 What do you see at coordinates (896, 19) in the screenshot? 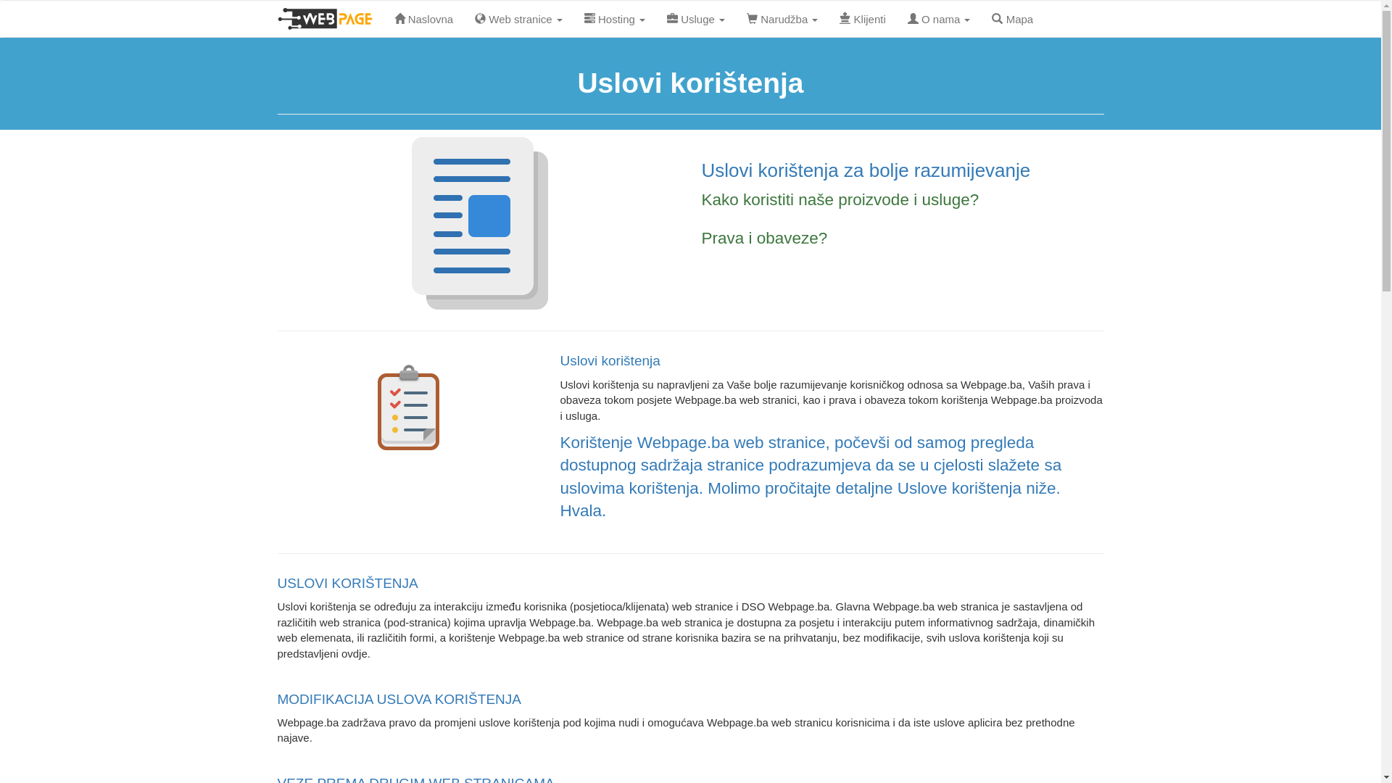
I see `'O nama'` at bounding box center [896, 19].